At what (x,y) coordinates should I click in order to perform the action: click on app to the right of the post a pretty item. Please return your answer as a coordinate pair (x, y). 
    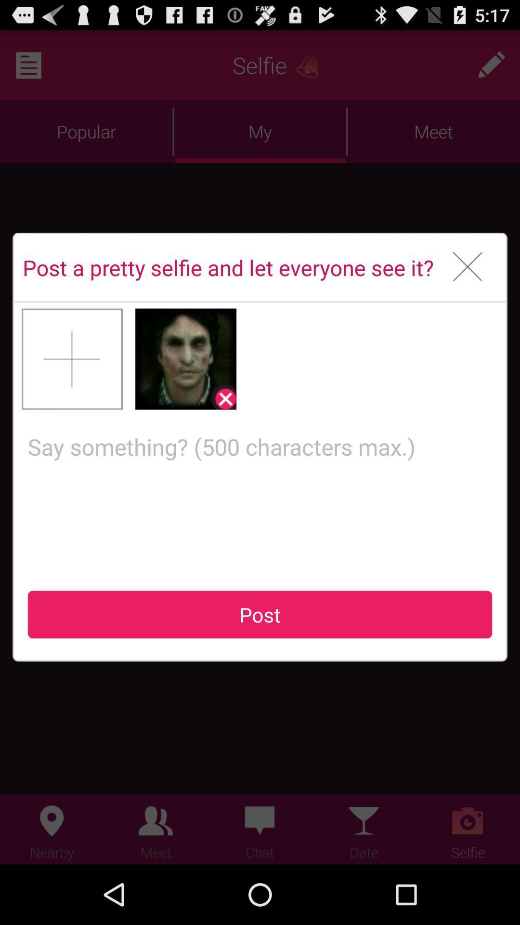
    Looking at the image, I should click on (467, 267).